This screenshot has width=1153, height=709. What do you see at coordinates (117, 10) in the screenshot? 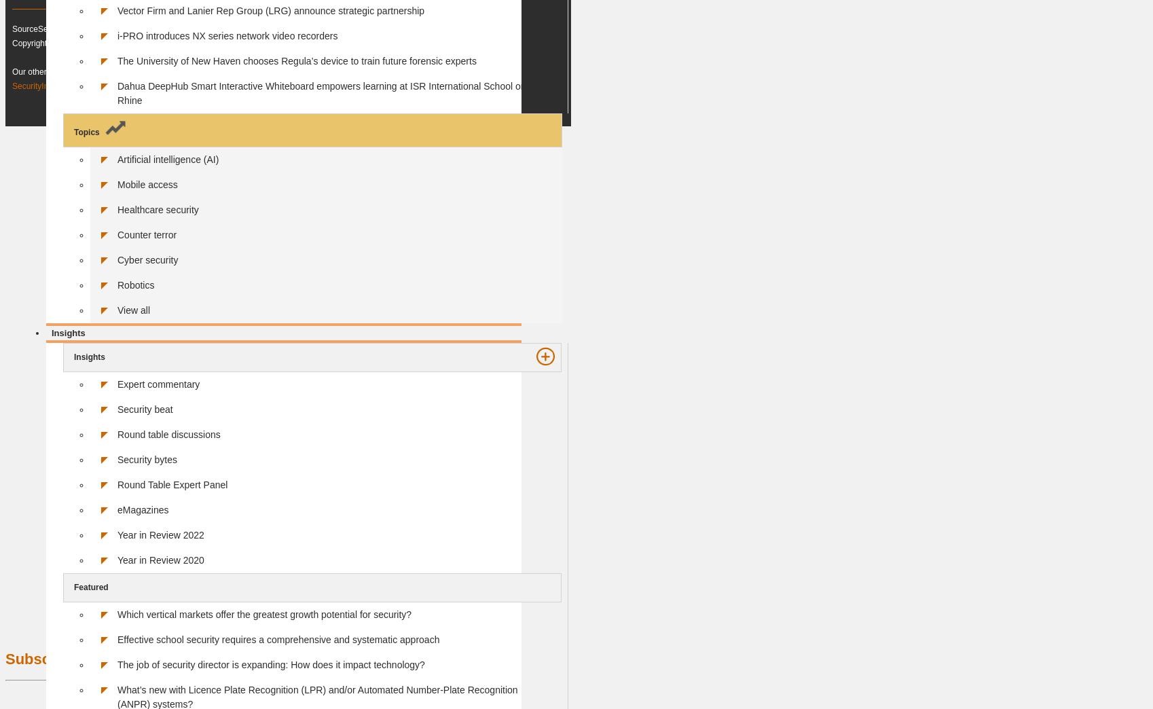
I see `'Vector Firm and Lanier Rep Group (LRG) announce strategic partnership'` at bounding box center [117, 10].